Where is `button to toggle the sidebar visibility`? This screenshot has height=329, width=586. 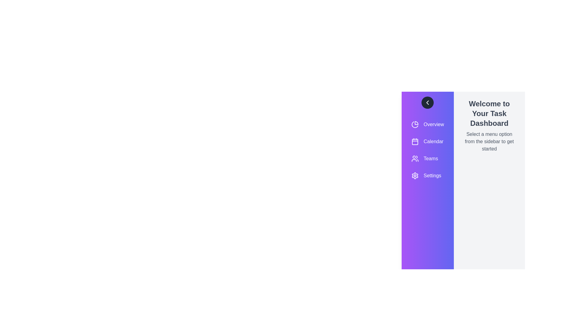
button to toggle the sidebar visibility is located at coordinates (427, 102).